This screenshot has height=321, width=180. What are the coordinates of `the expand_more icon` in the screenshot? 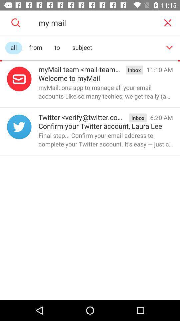 It's located at (169, 47).